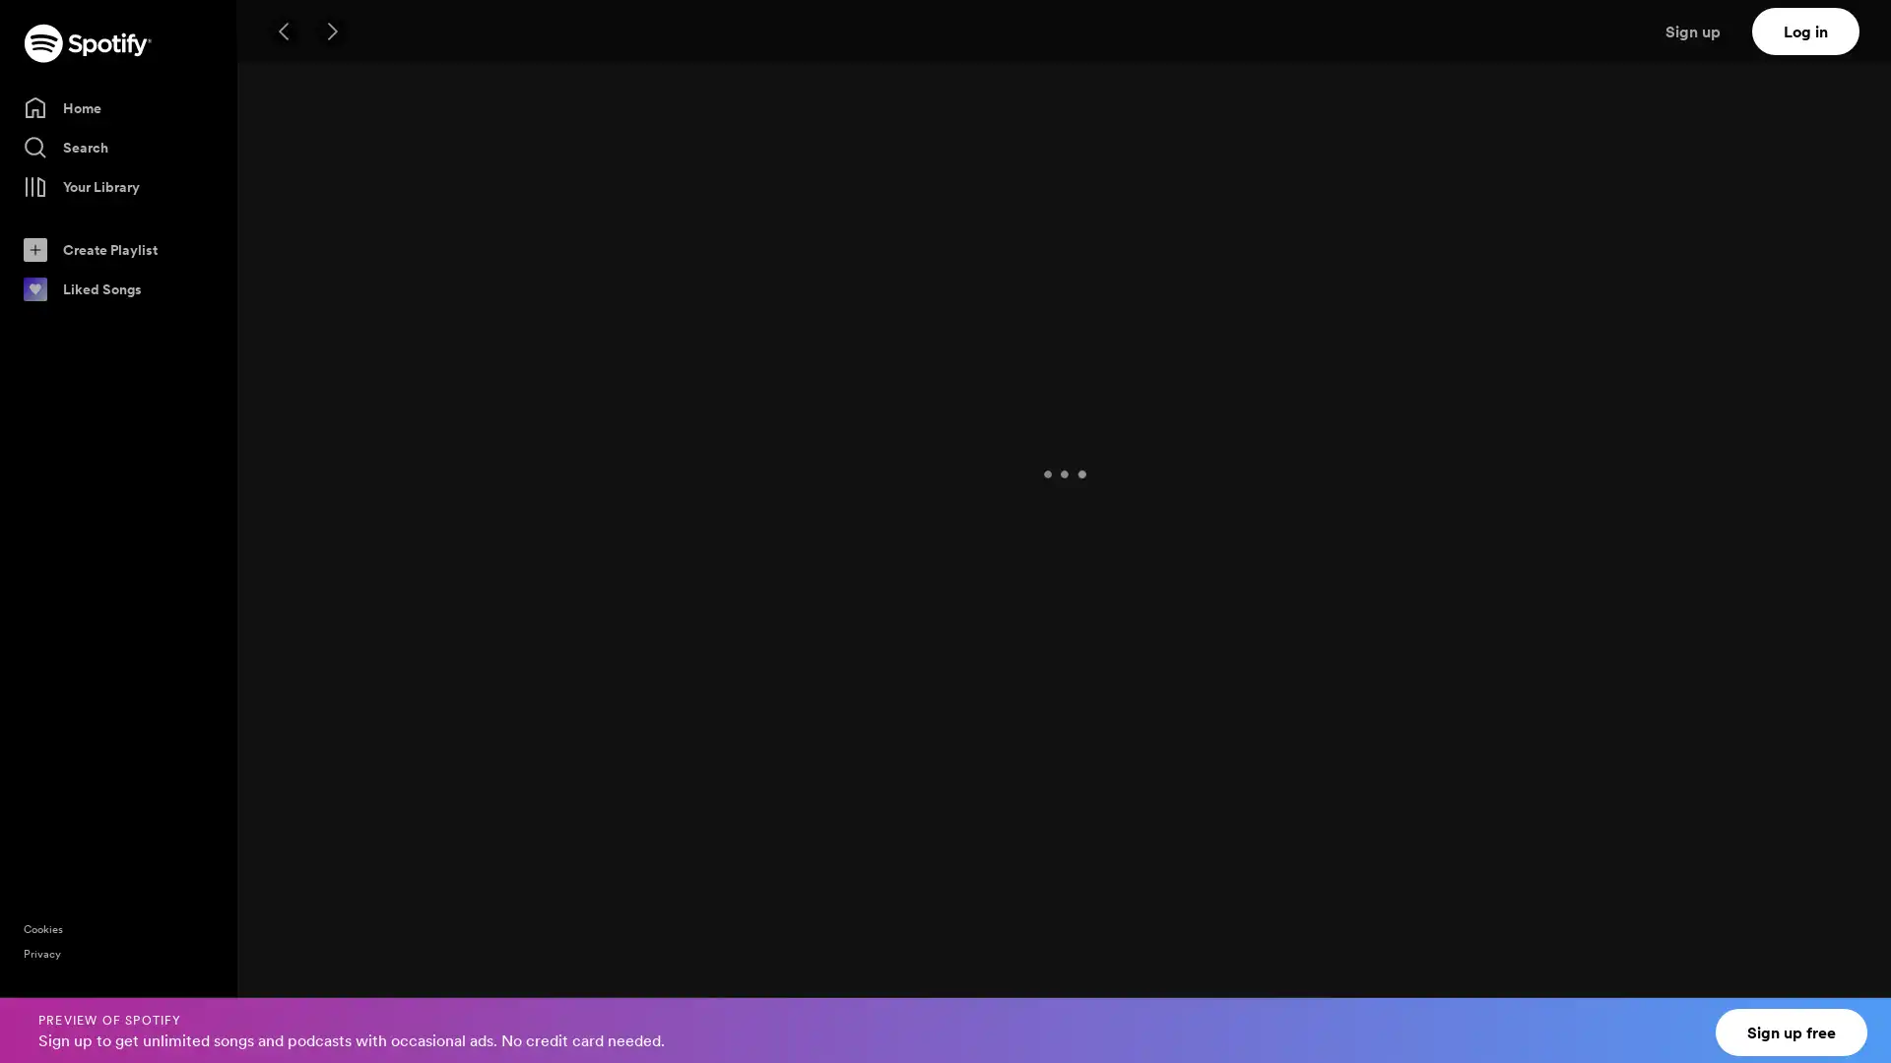 This screenshot has height=1063, width=1891. What do you see at coordinates (1004, 598) in the screenshot?
I see `Play lofi cafe` at bounding box center [1004, 598].